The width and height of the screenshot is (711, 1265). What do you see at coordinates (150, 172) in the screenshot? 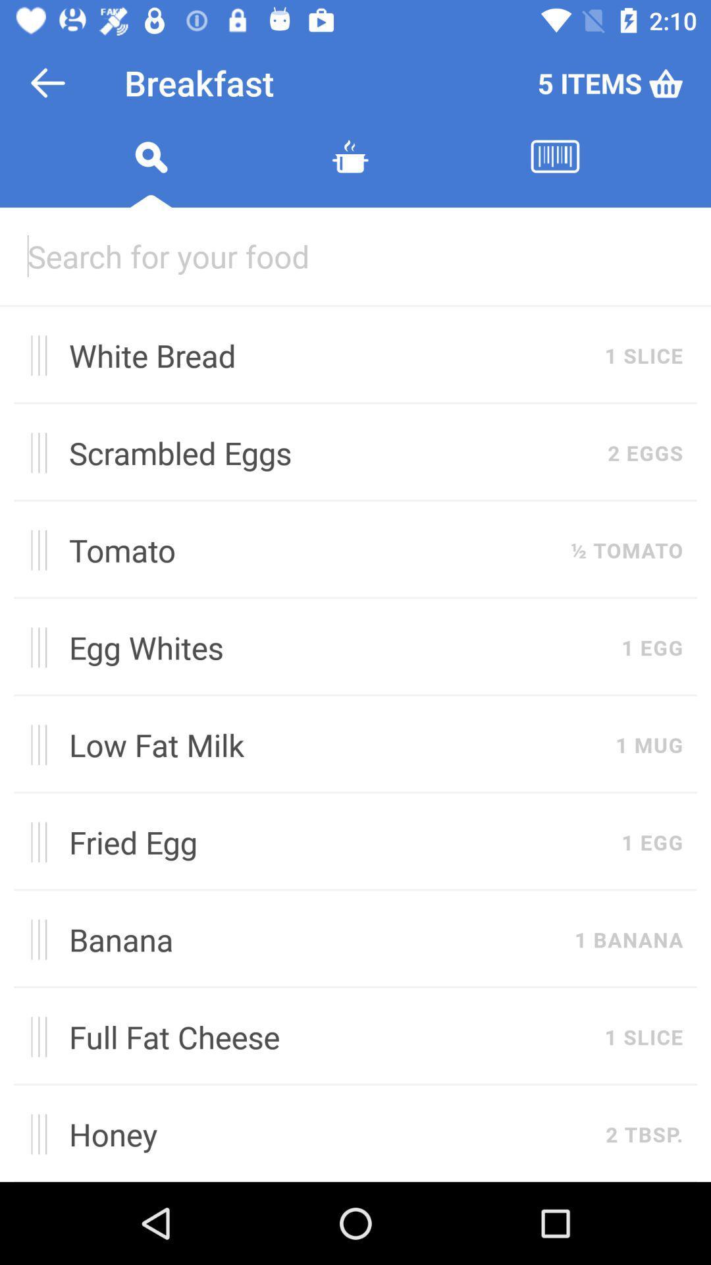
I see `begin search` at bounding box center [150, 172].